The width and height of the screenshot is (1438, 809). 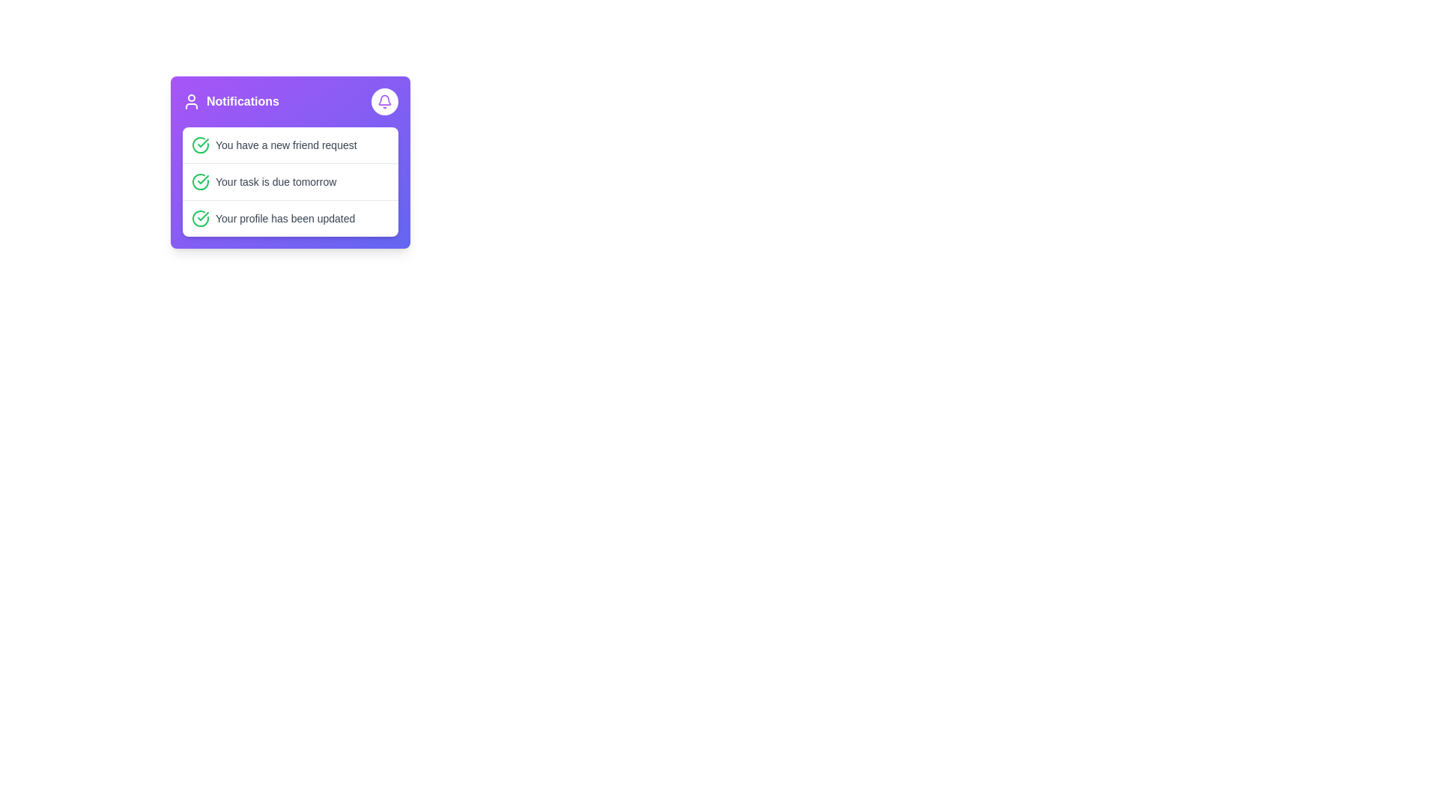 I want to click on the text label displaying 'Your profile has been updated', which is located at the bottom of the notification list and aligned with a green check mark icon, so click(x=285, y=219).